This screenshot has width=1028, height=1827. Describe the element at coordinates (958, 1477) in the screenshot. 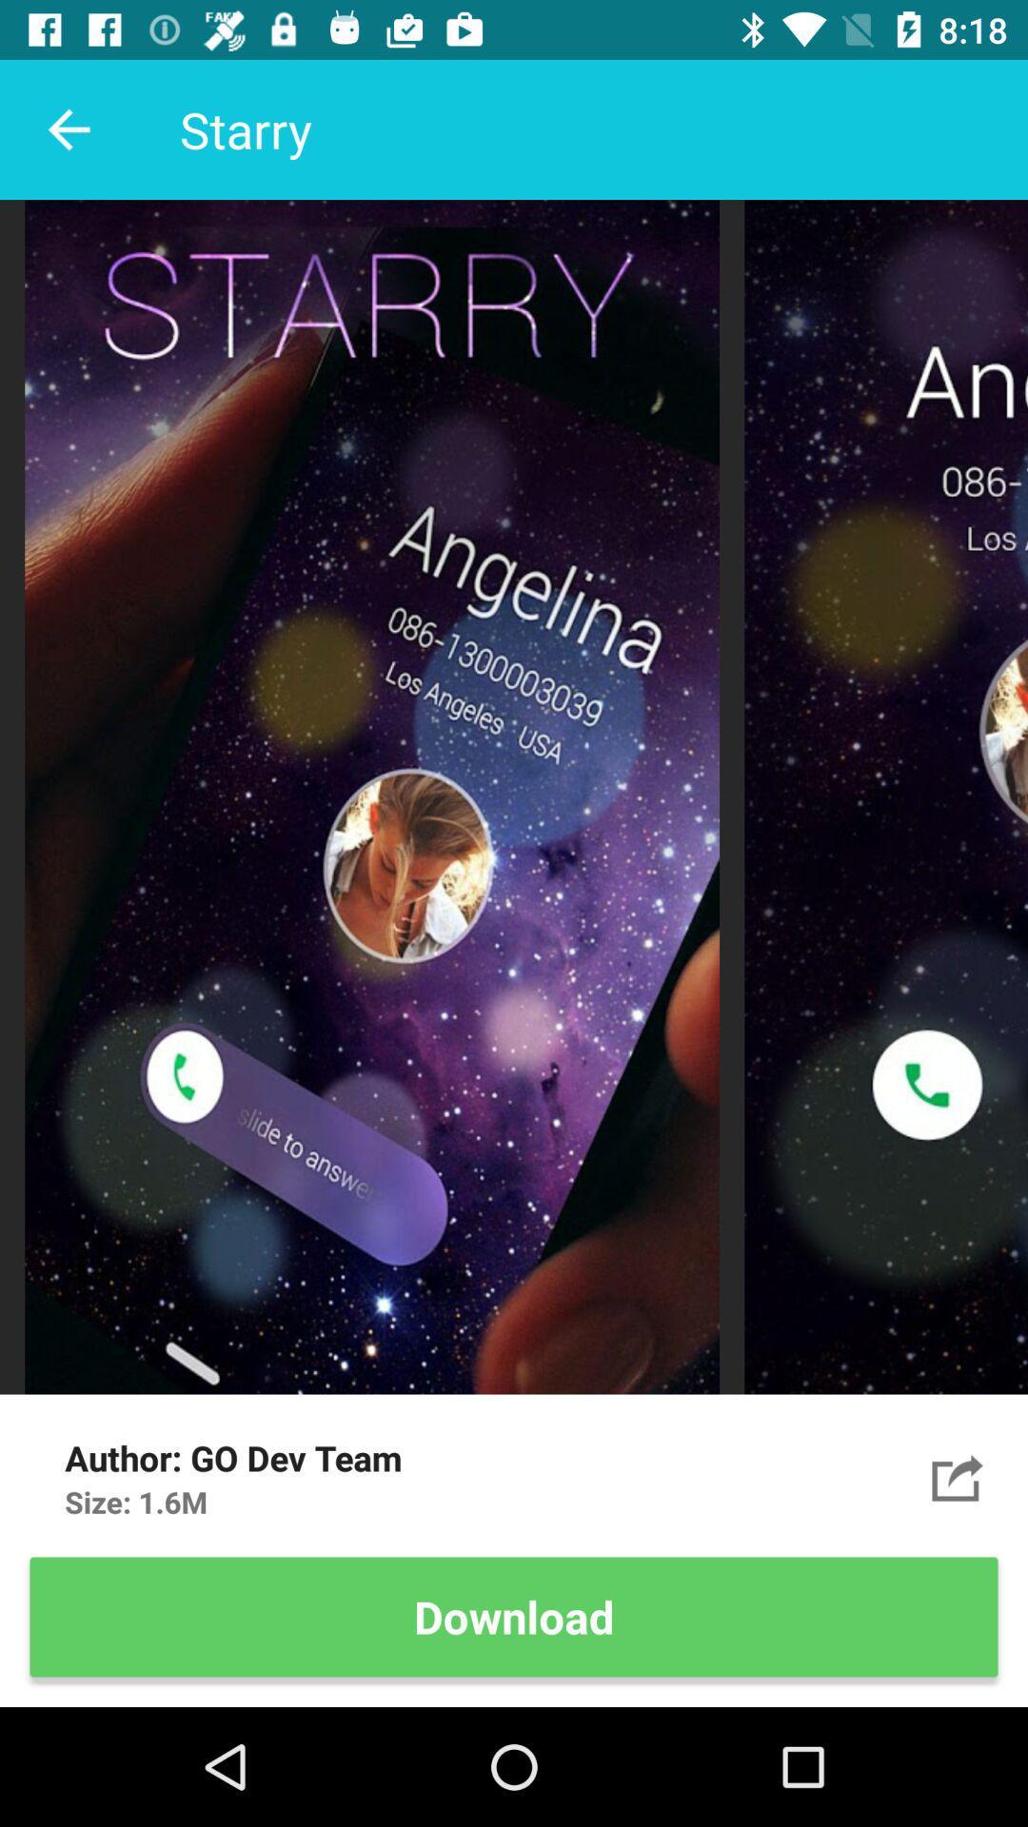

I see `go forward` at that location.